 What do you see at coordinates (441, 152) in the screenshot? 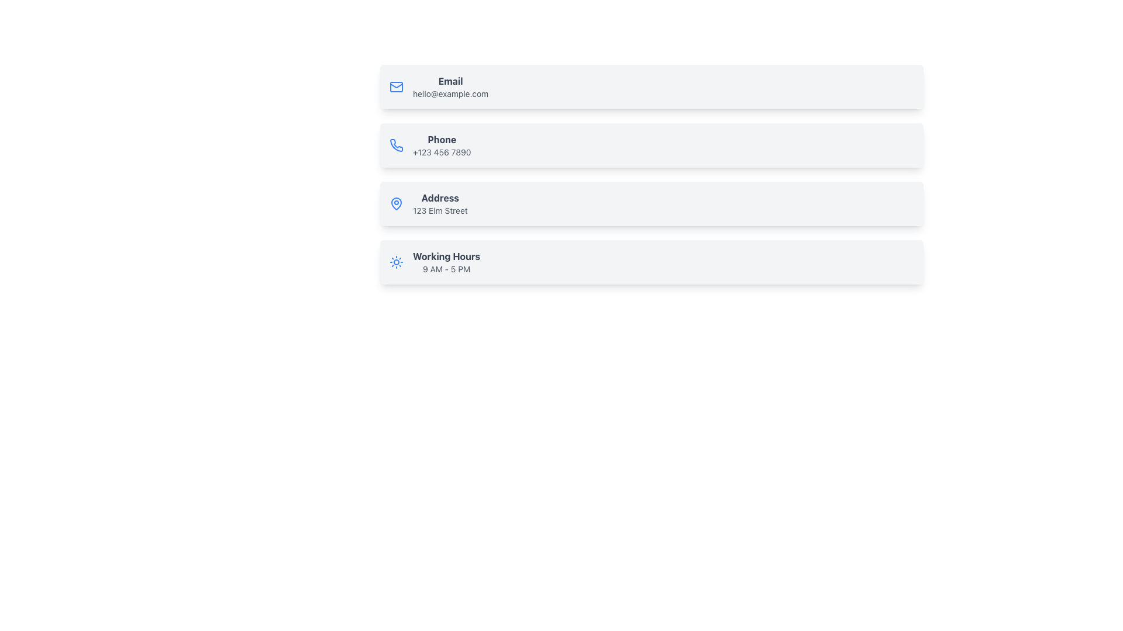
I see `the phone number text label displayed in light gray font, which is positioned below the bolded 'Phone' label in the contact information layout` at bounding box center [441, 152].